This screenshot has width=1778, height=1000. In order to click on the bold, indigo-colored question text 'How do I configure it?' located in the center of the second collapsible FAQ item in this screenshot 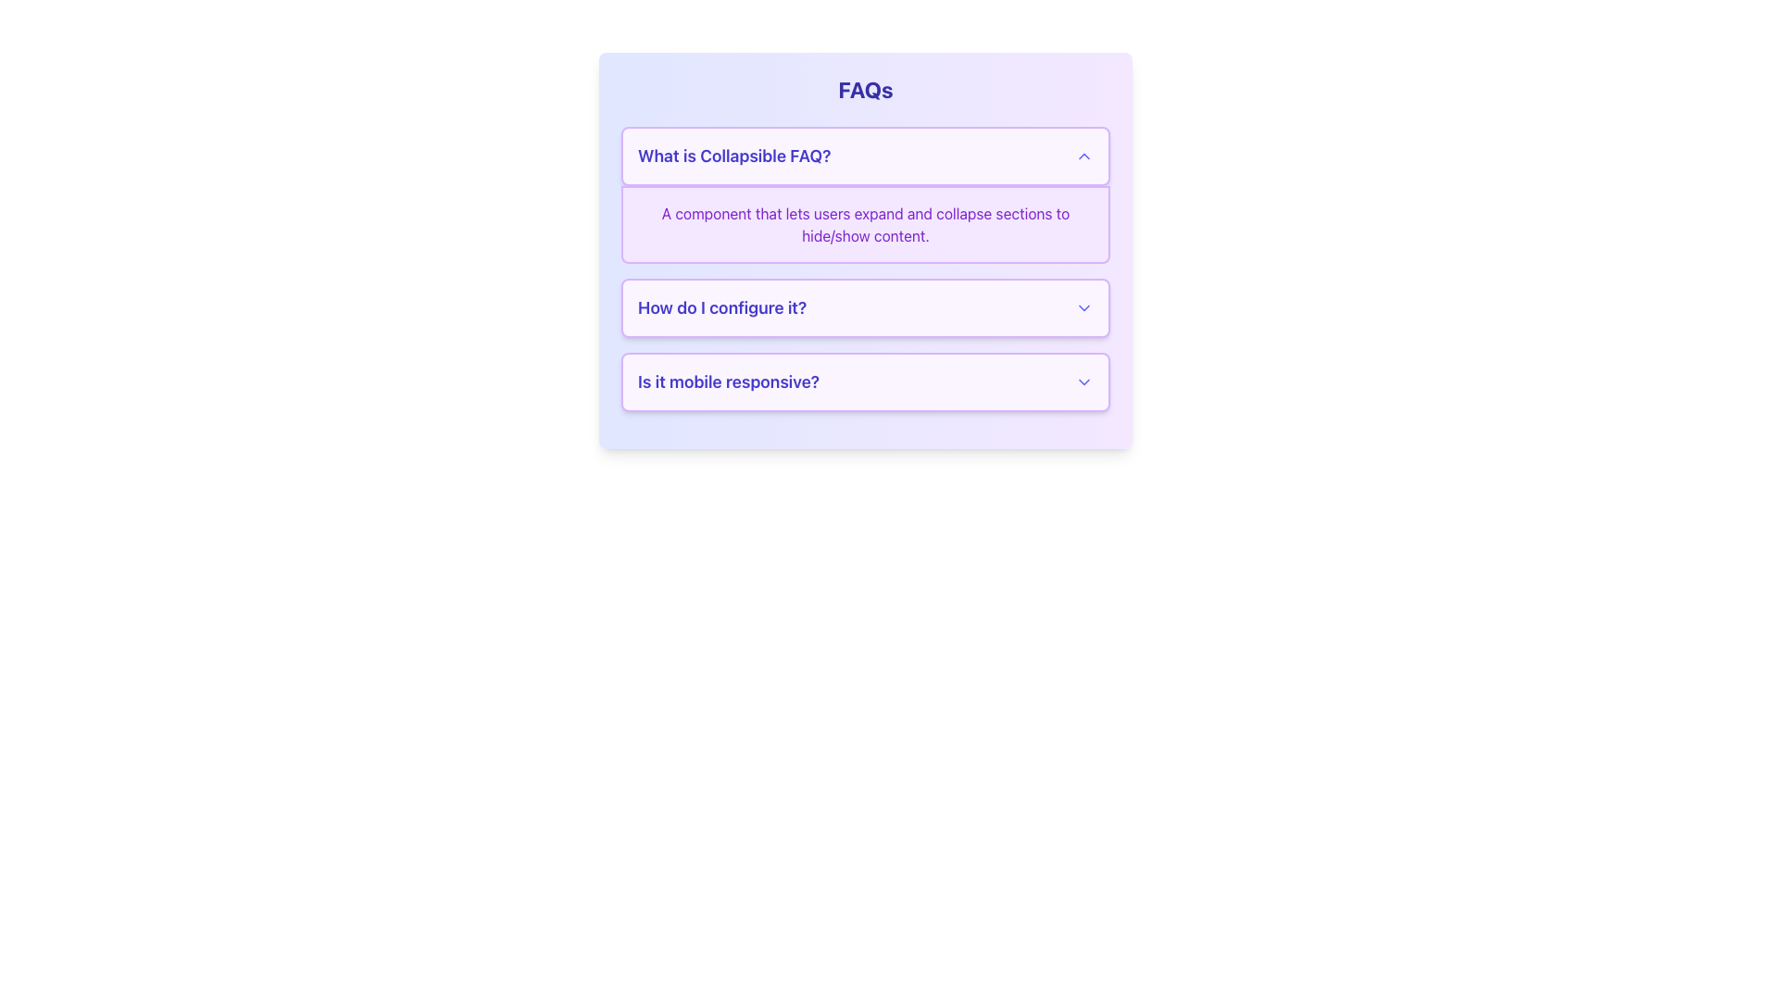, I will do `click(721, 306)`.